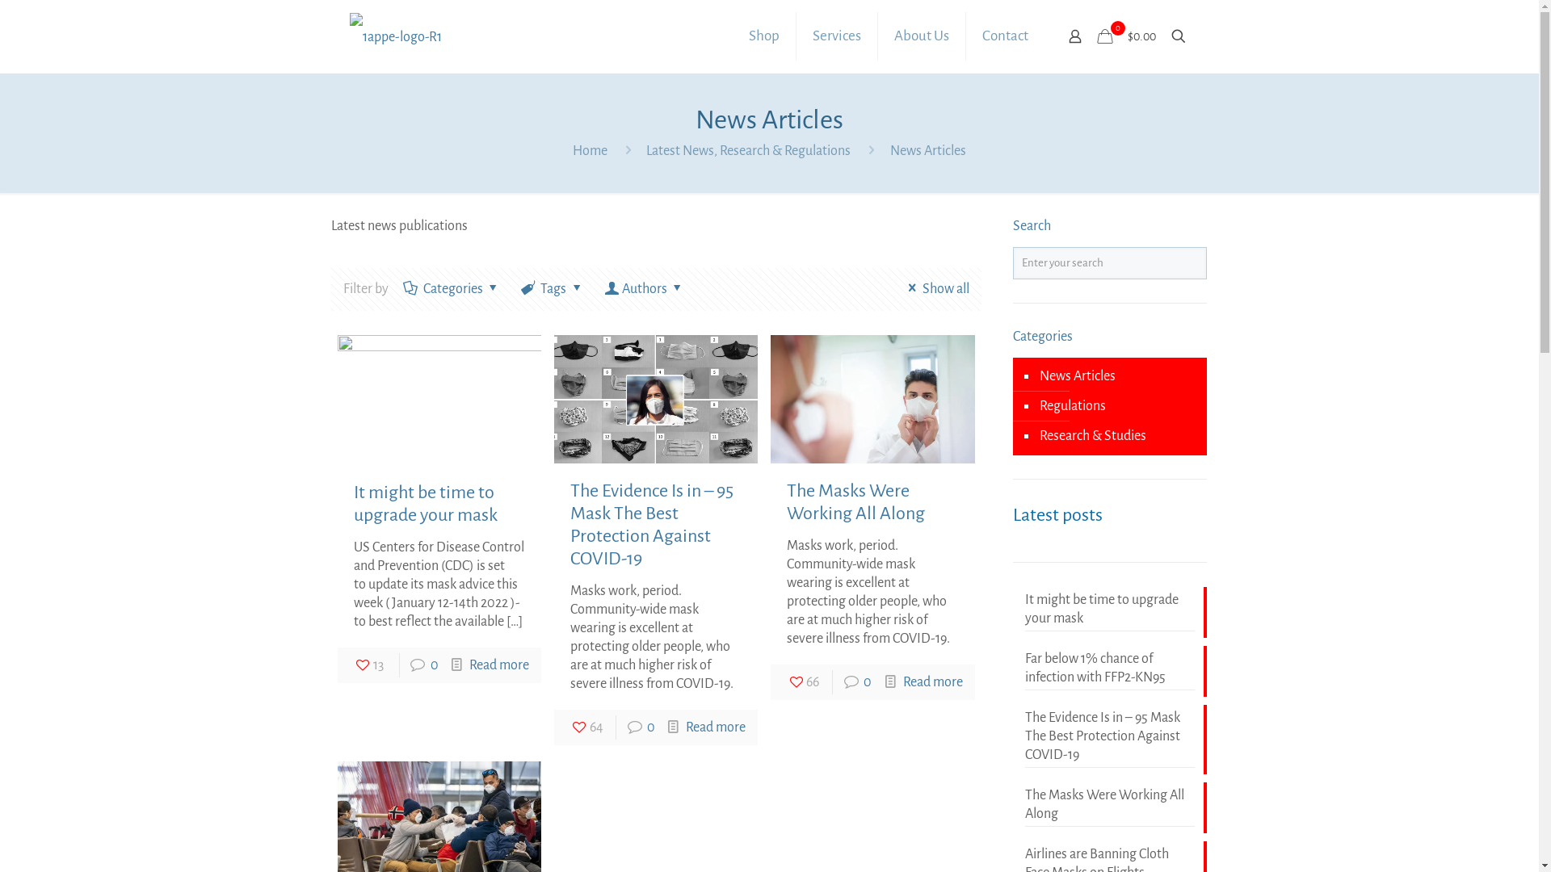 The image size is (1551, 872). Describe the element at coordinates (642, 288) in the screenshot. I see `'Authors'` at that location.